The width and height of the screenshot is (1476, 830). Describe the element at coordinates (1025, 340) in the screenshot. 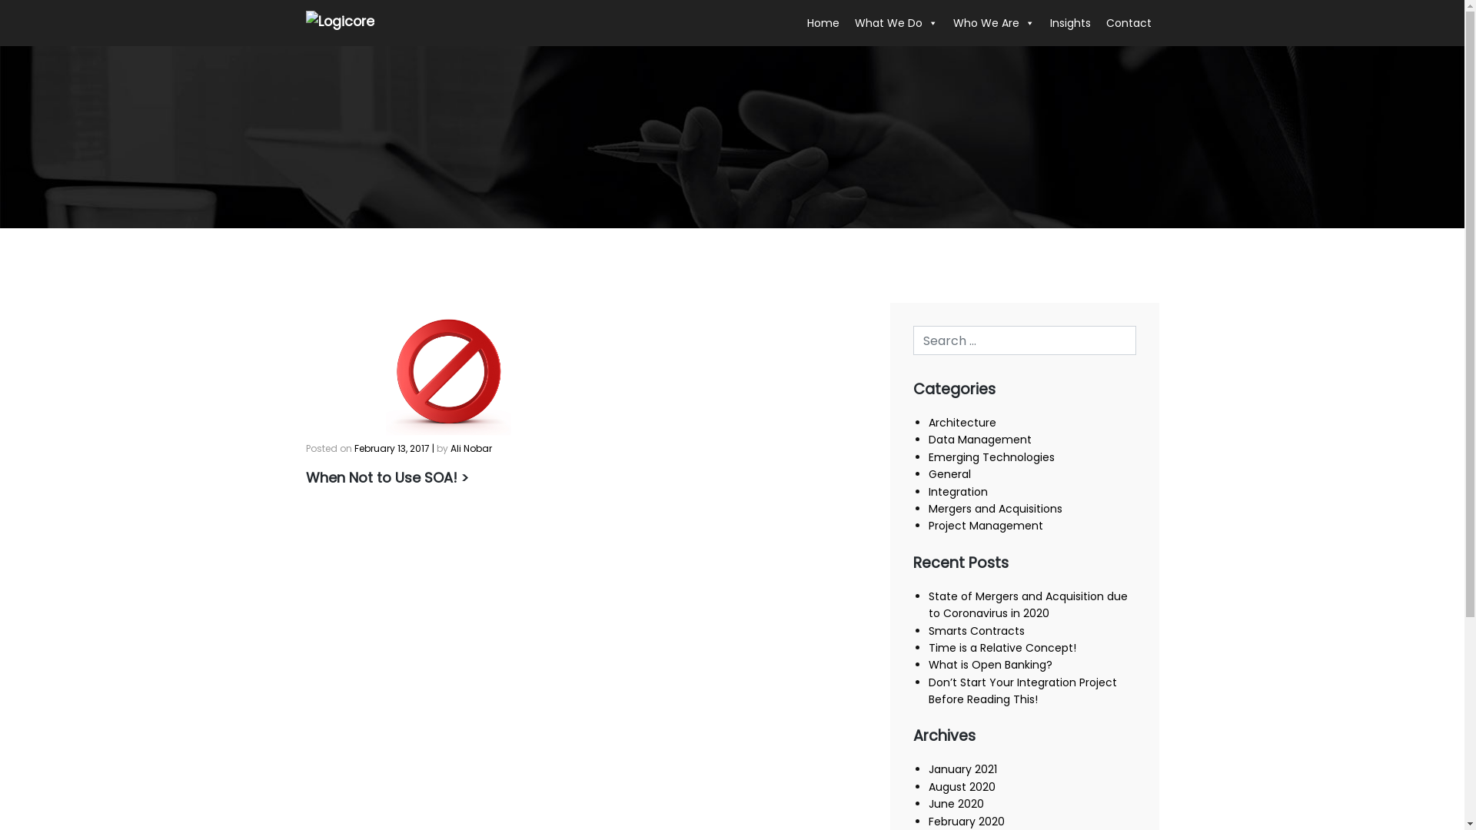

I see `'Search for:'` at that location.